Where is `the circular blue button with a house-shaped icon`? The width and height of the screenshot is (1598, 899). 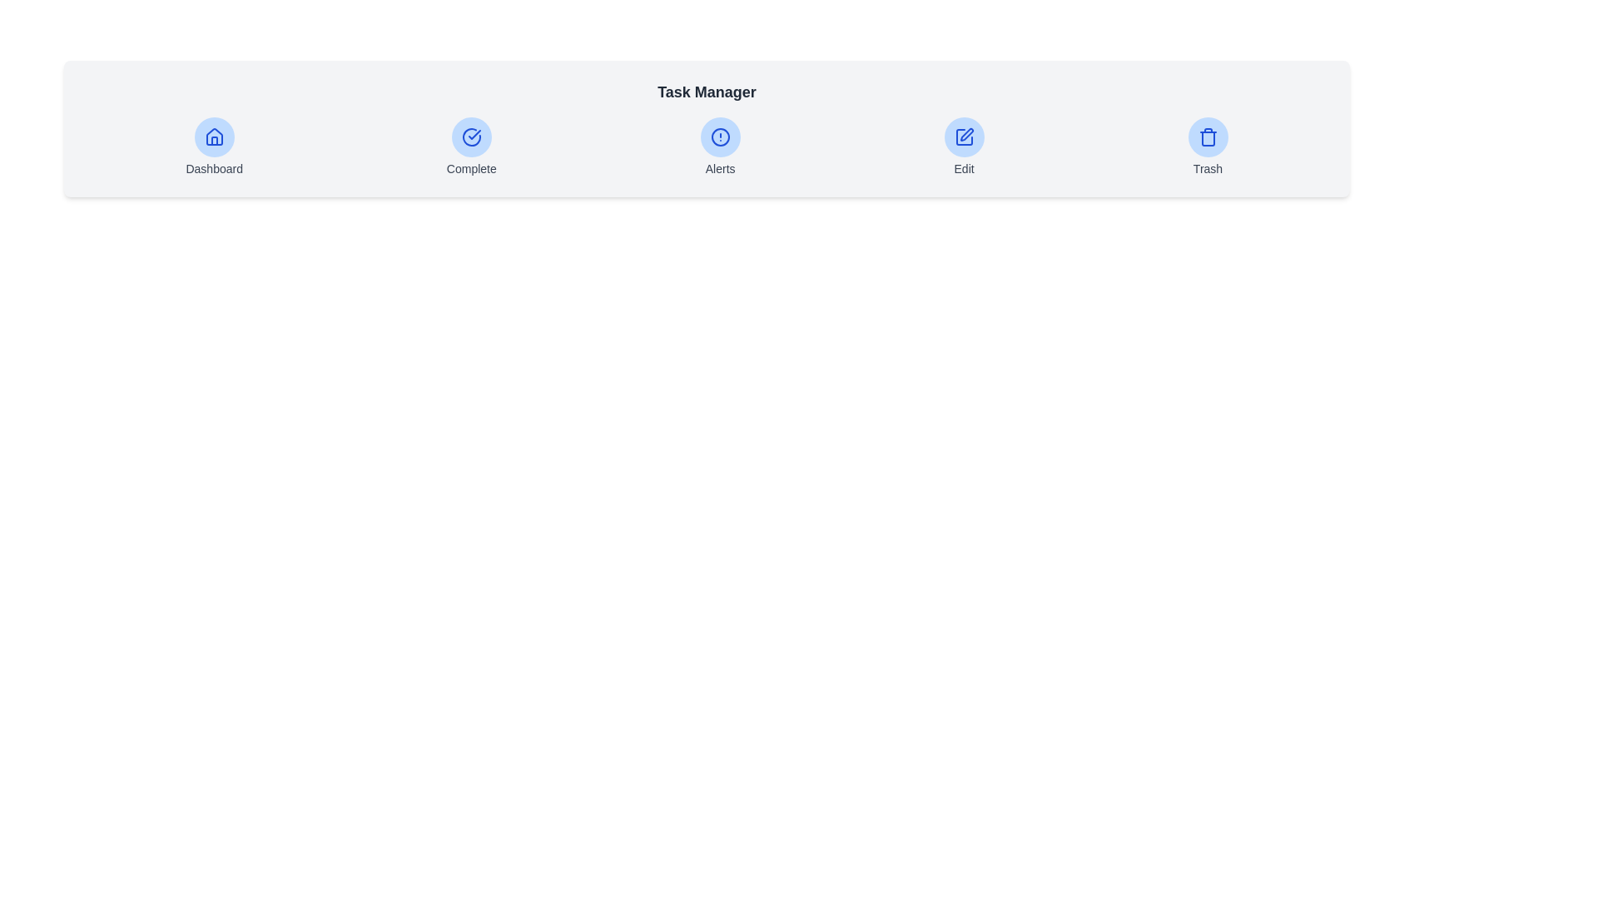 the circular blue button with a house-shaped icon is located at coordinates (213, 137).